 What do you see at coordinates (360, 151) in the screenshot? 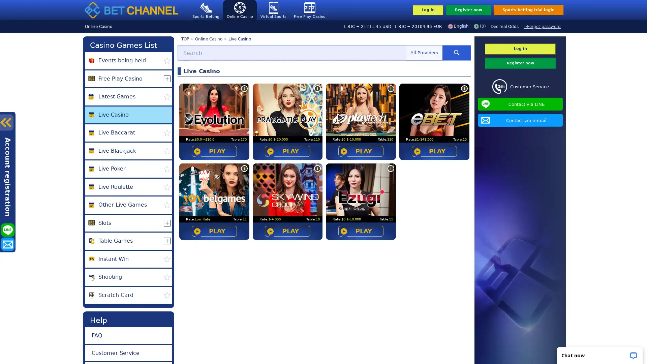
I see `PLAY` at bounding box center [360, 151].